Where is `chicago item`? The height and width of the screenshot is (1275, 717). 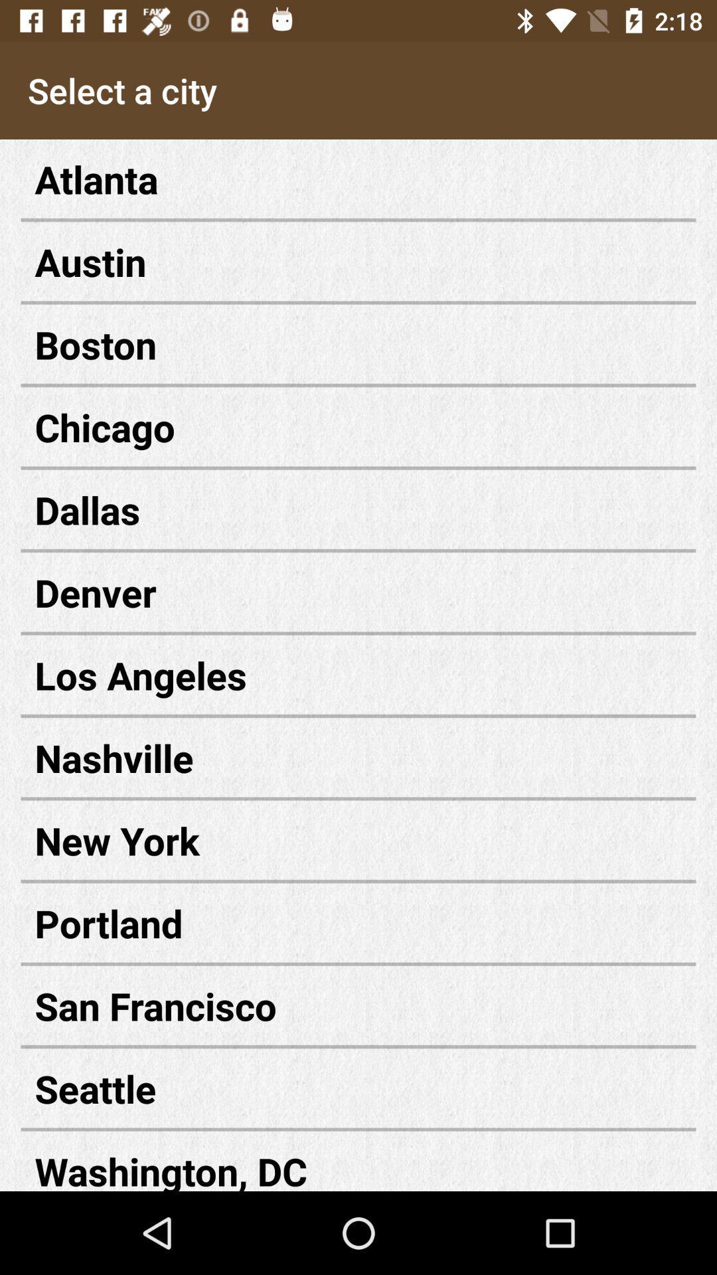
chicago item is located at coordinates (358, 427).